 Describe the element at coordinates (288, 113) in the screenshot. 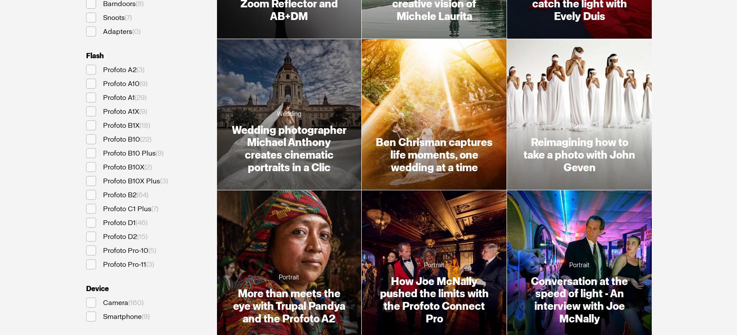

I see `'Wedding'` at that location.